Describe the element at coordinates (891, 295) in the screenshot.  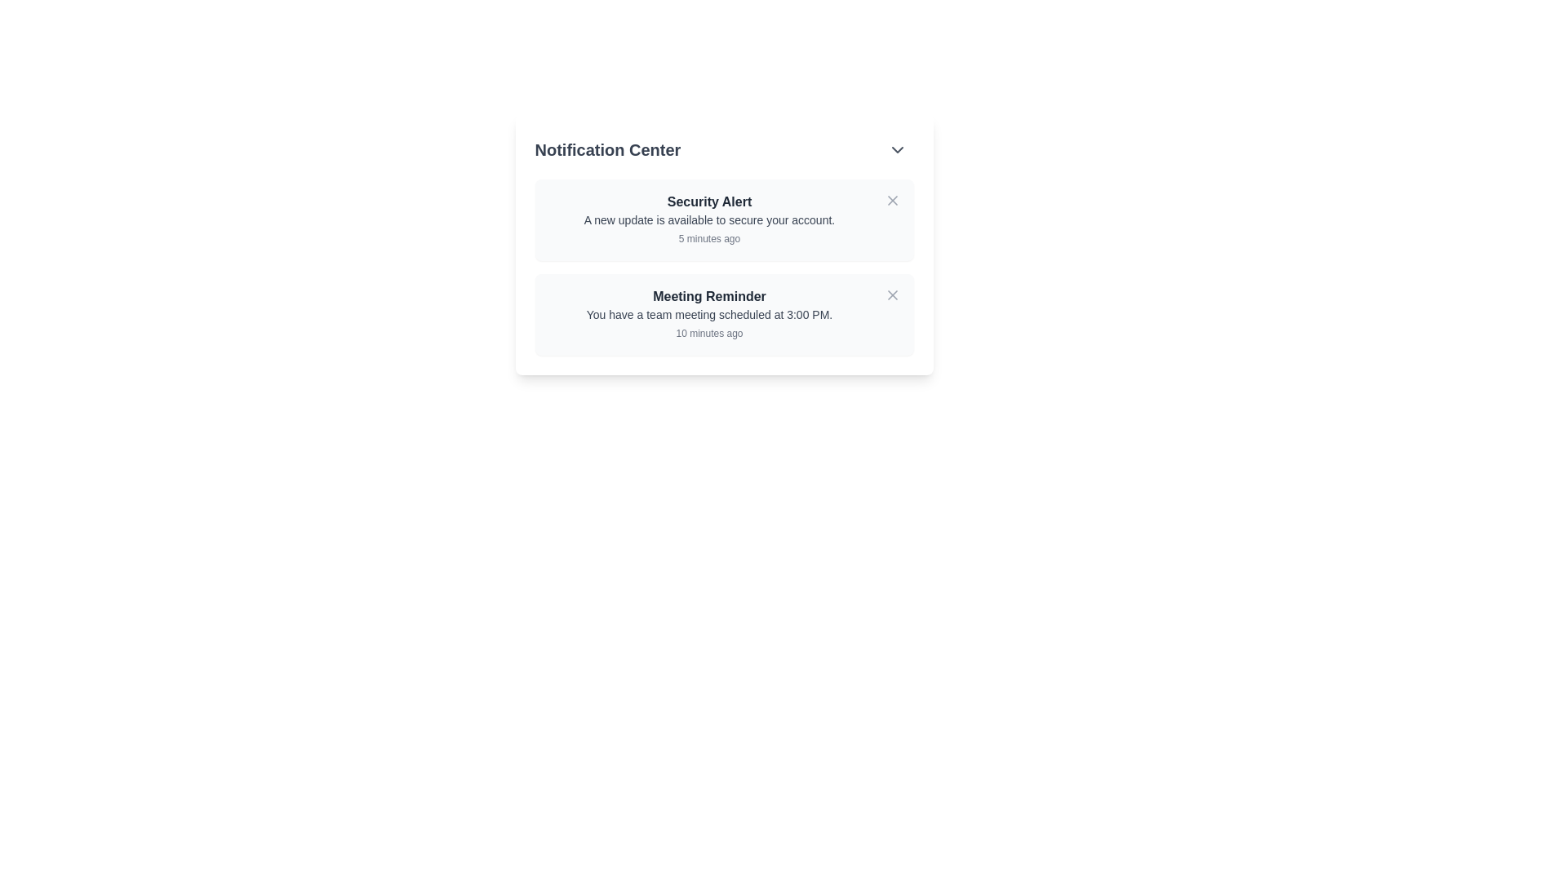
I see `the 'X' icon button in the top-right corner of the 'Meeting Reminder' notification` at that location.